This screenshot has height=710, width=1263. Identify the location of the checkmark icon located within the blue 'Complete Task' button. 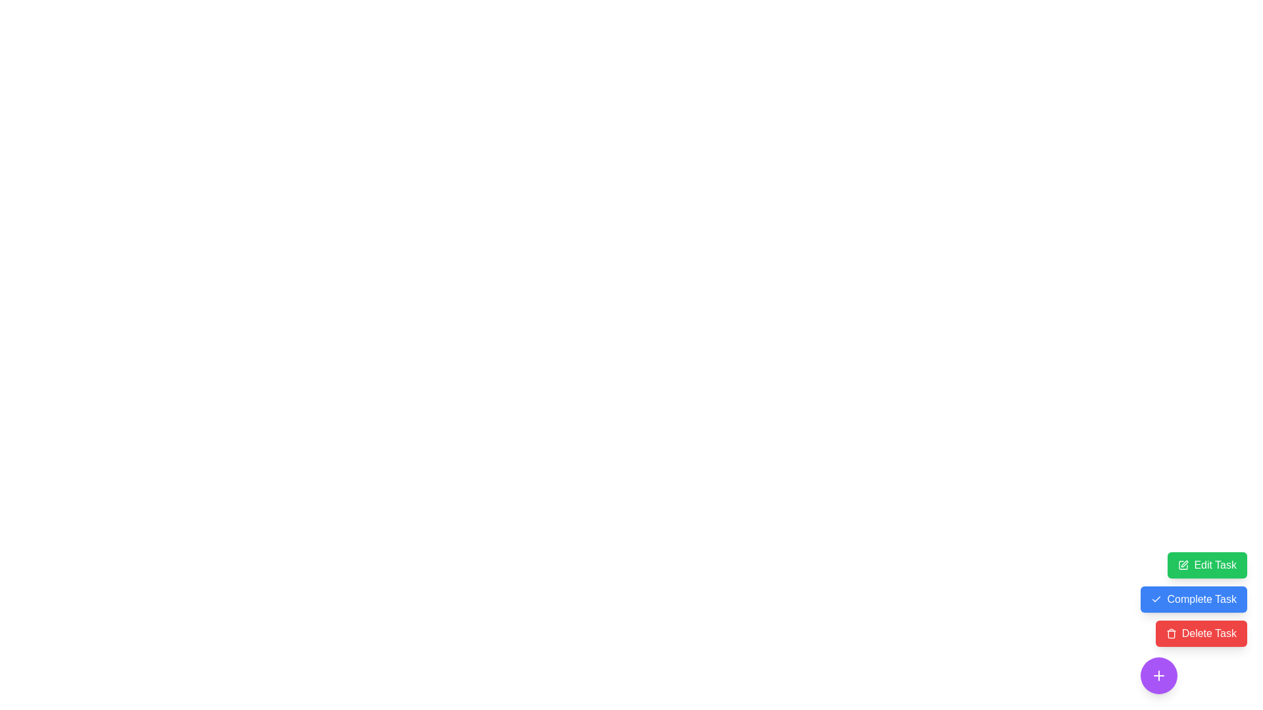
(1156, 599).